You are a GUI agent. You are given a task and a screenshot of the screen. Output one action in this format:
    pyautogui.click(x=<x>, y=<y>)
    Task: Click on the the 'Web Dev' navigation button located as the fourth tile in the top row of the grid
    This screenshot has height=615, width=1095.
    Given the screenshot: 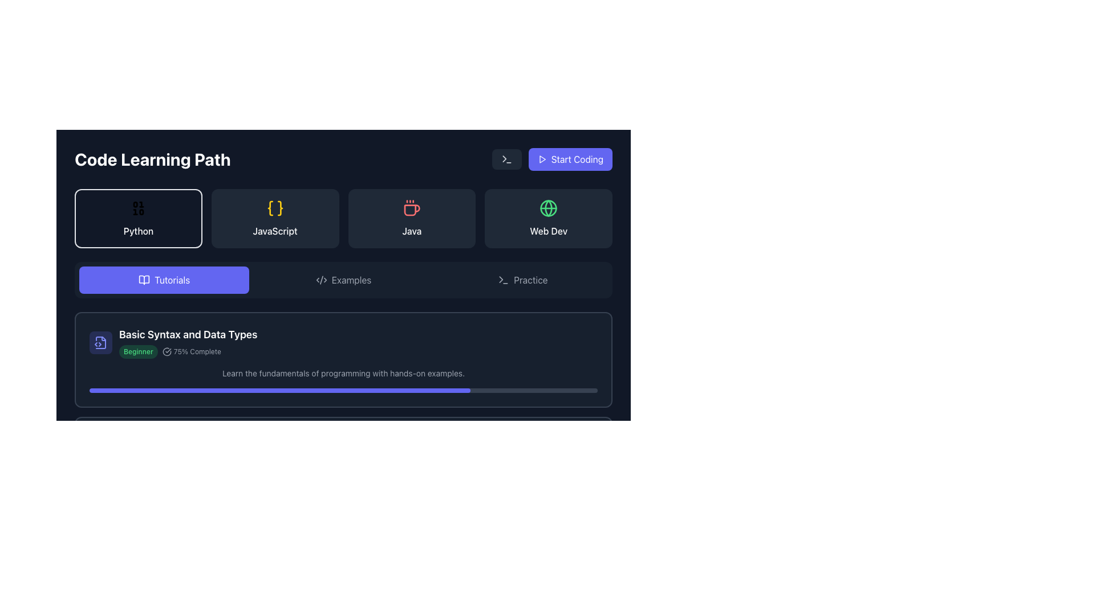 What is the action you would take?
    pyautogui.click(x=548, y=219)
    